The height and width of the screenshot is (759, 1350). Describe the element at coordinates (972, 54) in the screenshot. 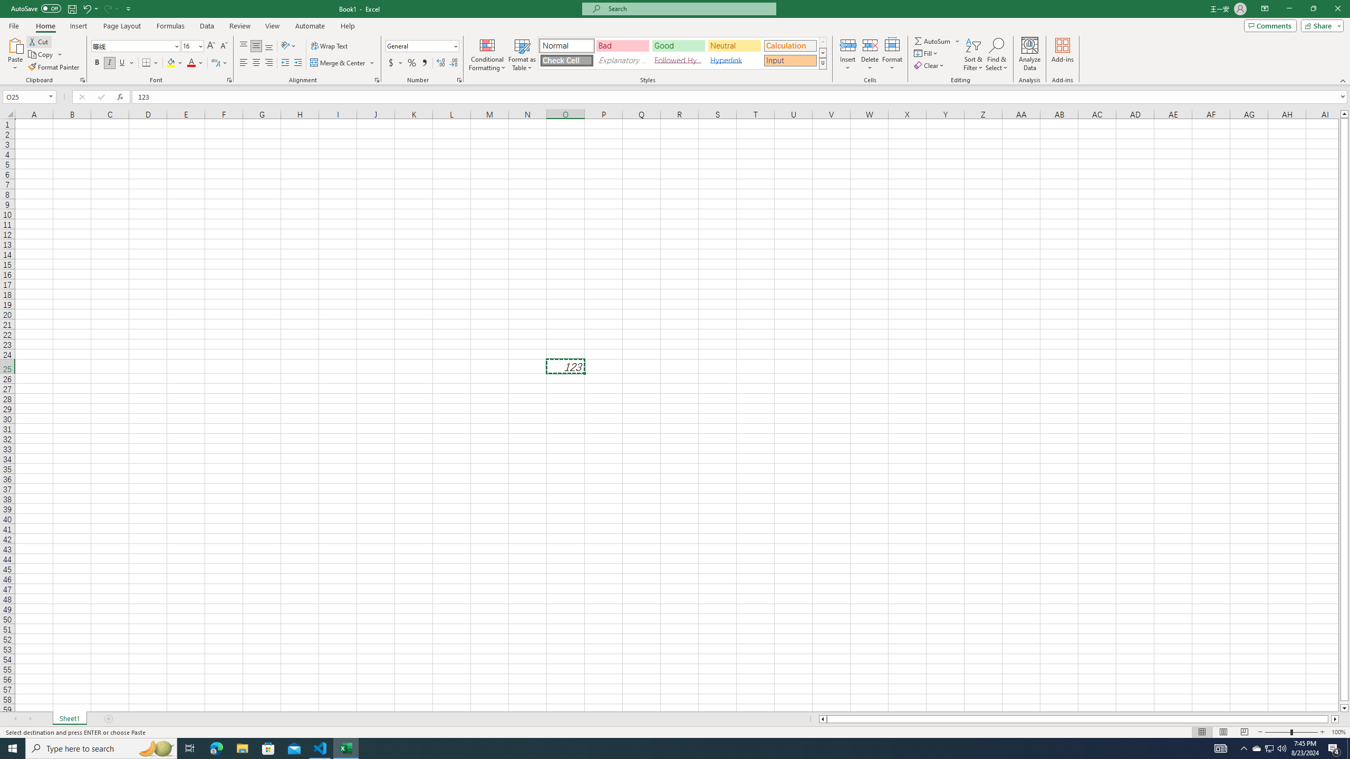

I see `'Sort & Filter'` at that location.